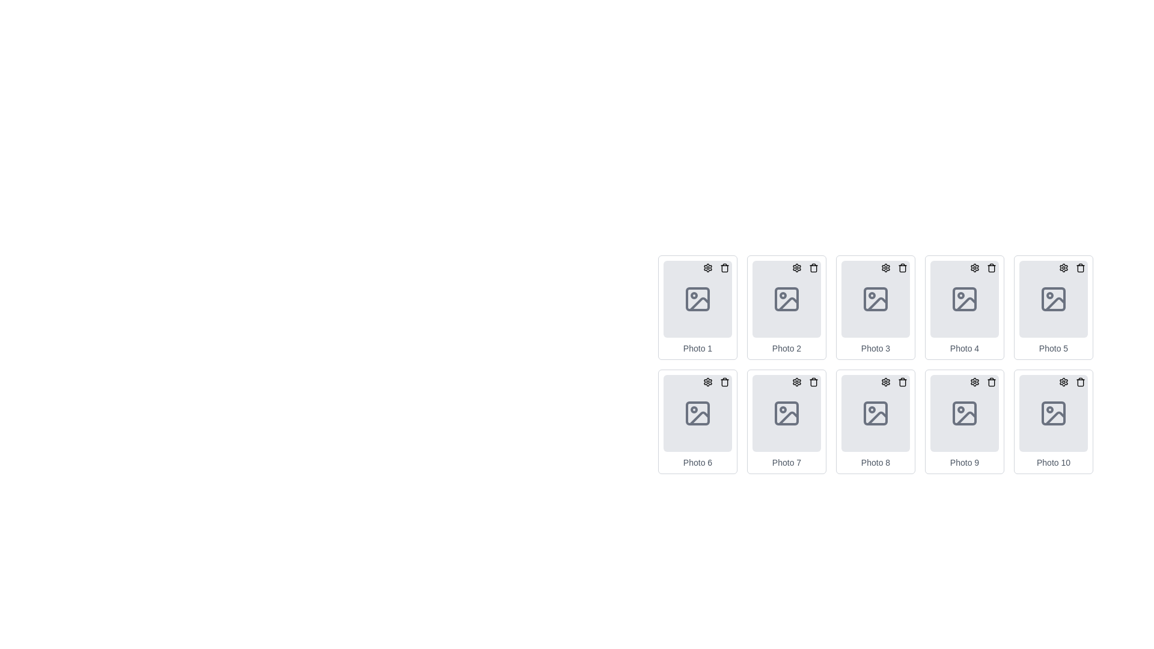 Image resolution: width=1154 pixels, height=649 pixels. I want to click on the circular button with a gear icon at the top-right corner of the card labeled 'Photo 9' to observe the highlight effect, so click(975, 382).